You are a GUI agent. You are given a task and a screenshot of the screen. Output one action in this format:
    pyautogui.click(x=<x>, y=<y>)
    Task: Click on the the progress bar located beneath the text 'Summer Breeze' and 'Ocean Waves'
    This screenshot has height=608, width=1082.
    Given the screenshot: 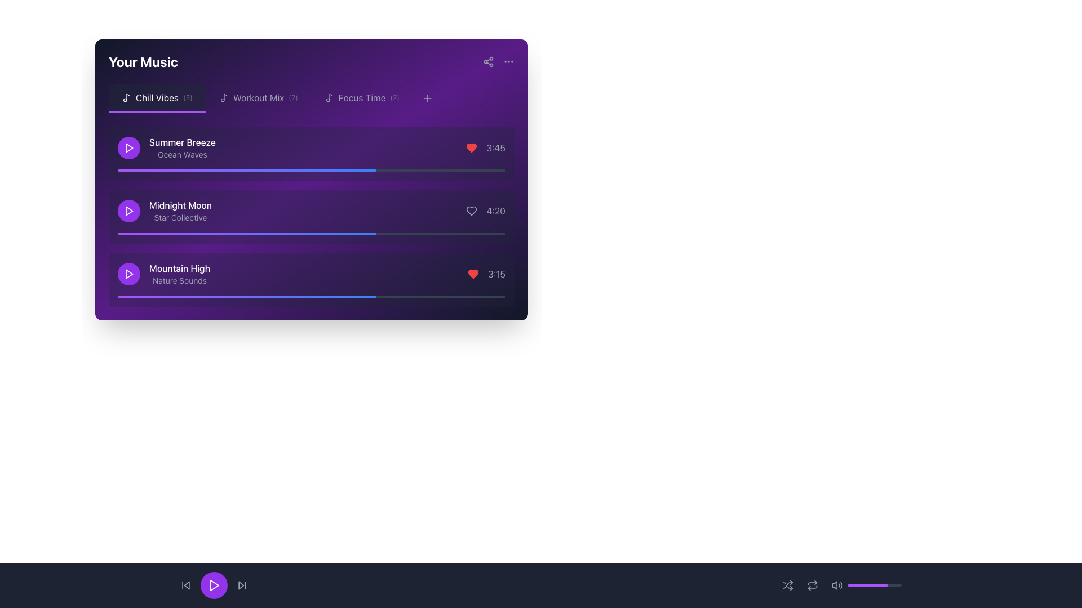 What is the action you would take?
    pyautogui.click(x=311, y=171)
    